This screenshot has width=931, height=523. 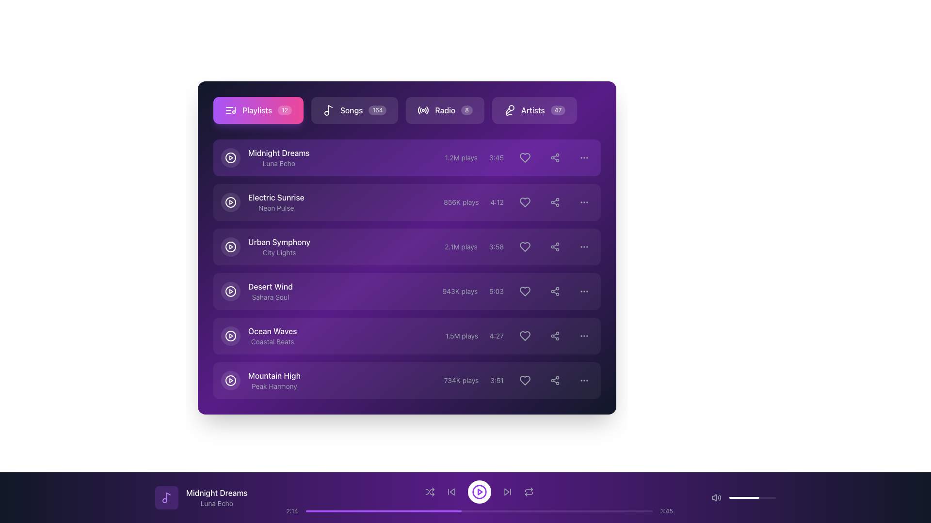 What do you see at coordinates (230, 246) in the screenshot?
I see `the circular Play button with a transparent background and white border located leftmost in the row labeled 'Urban Symphony' with subtitle 'City Lights'` at bounding box center [230, 246].